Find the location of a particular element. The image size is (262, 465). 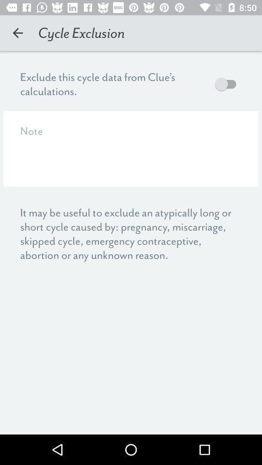

item next to exclude this cycle item is located at coordinates (228, 83).